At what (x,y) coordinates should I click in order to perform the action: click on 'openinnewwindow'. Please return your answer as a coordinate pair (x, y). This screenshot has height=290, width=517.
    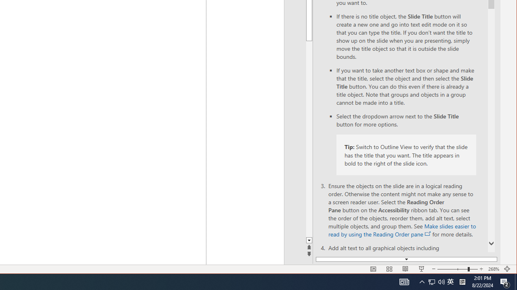
    Looking at the image, I should click on (427, 234).